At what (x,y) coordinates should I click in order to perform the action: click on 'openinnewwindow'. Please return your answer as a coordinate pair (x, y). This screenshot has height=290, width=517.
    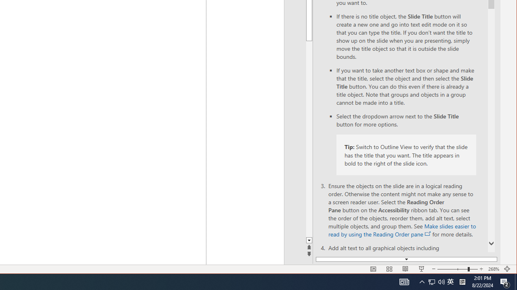
    Looking at the image, I should click on (427, 234).